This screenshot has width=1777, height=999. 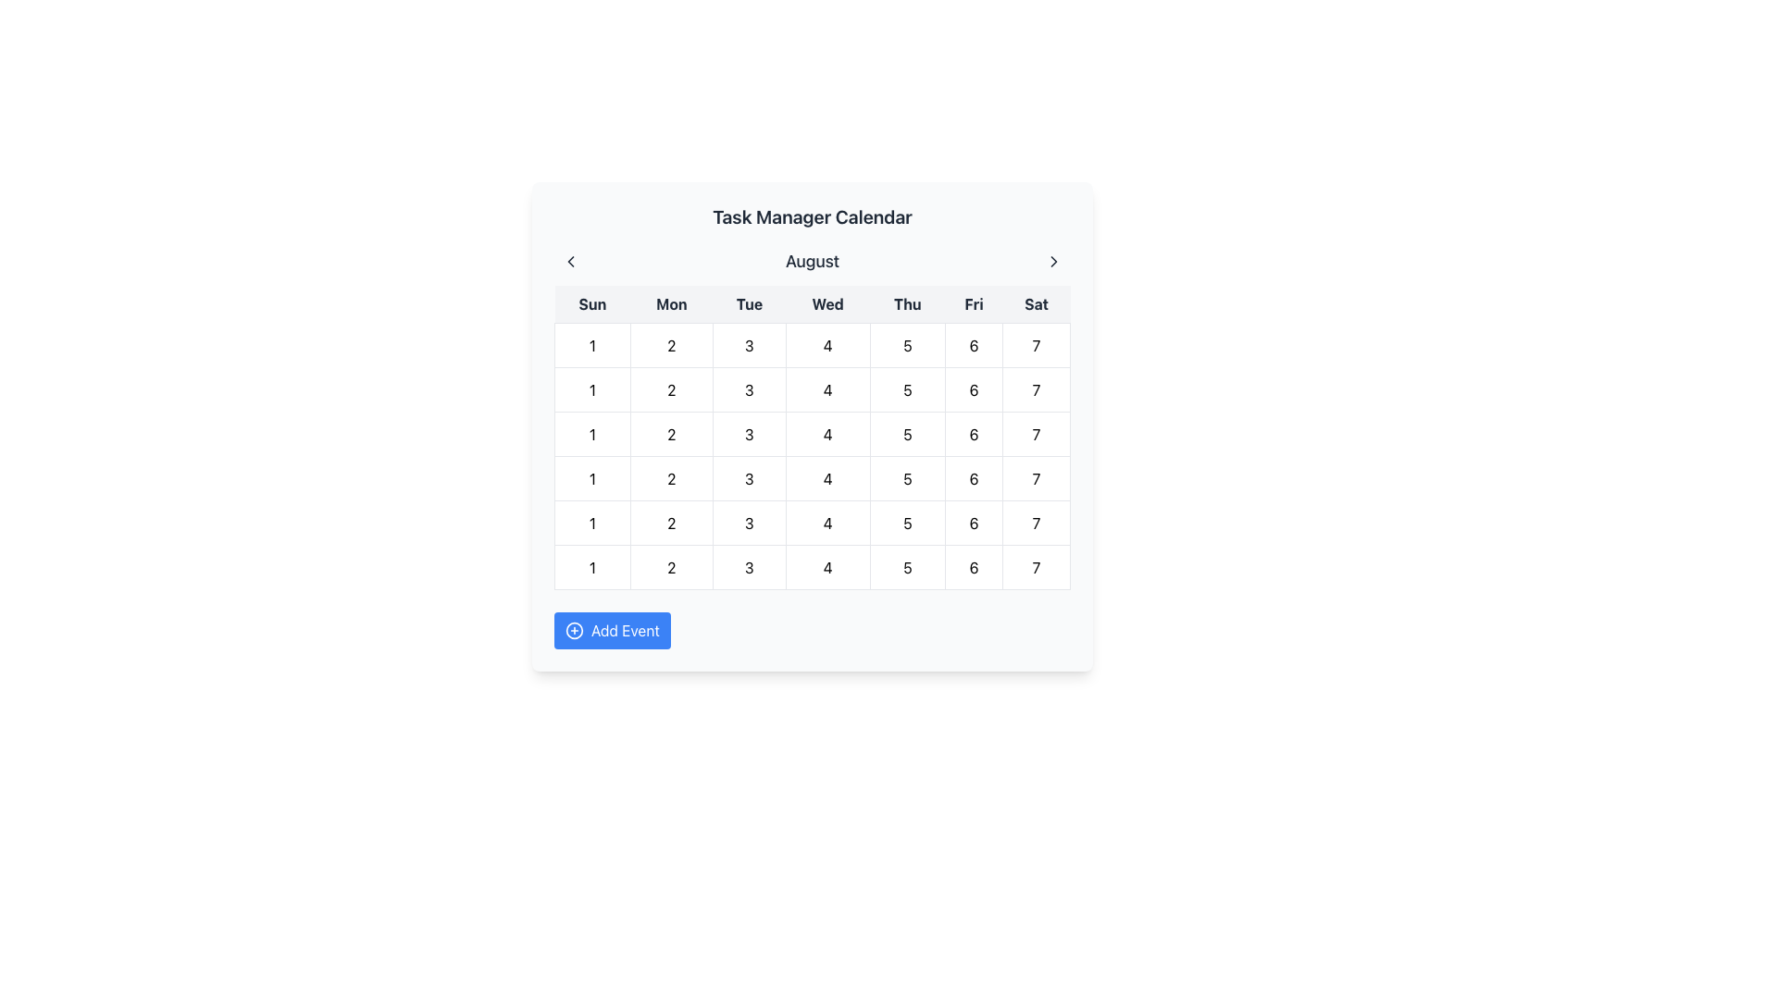 I want to click on the left-pointing chevron icon located at the upper-left corner of the calendar widget, so click(x=570, y=261).